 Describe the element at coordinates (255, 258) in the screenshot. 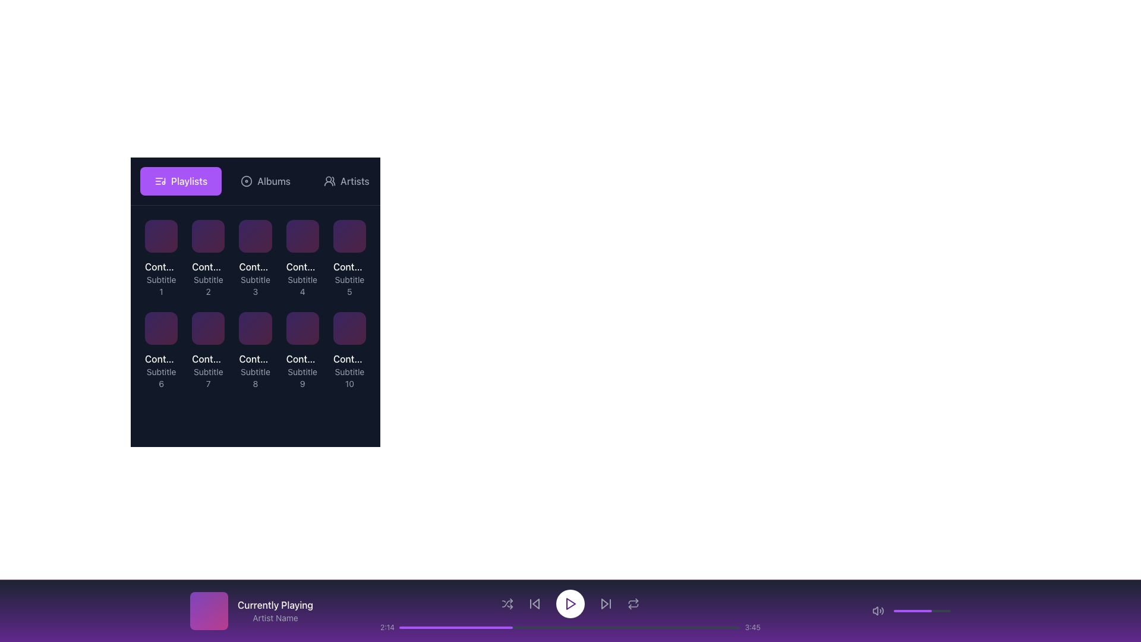

I see `the third clickable item in the grid representing 'Content Title 3'` at that location.